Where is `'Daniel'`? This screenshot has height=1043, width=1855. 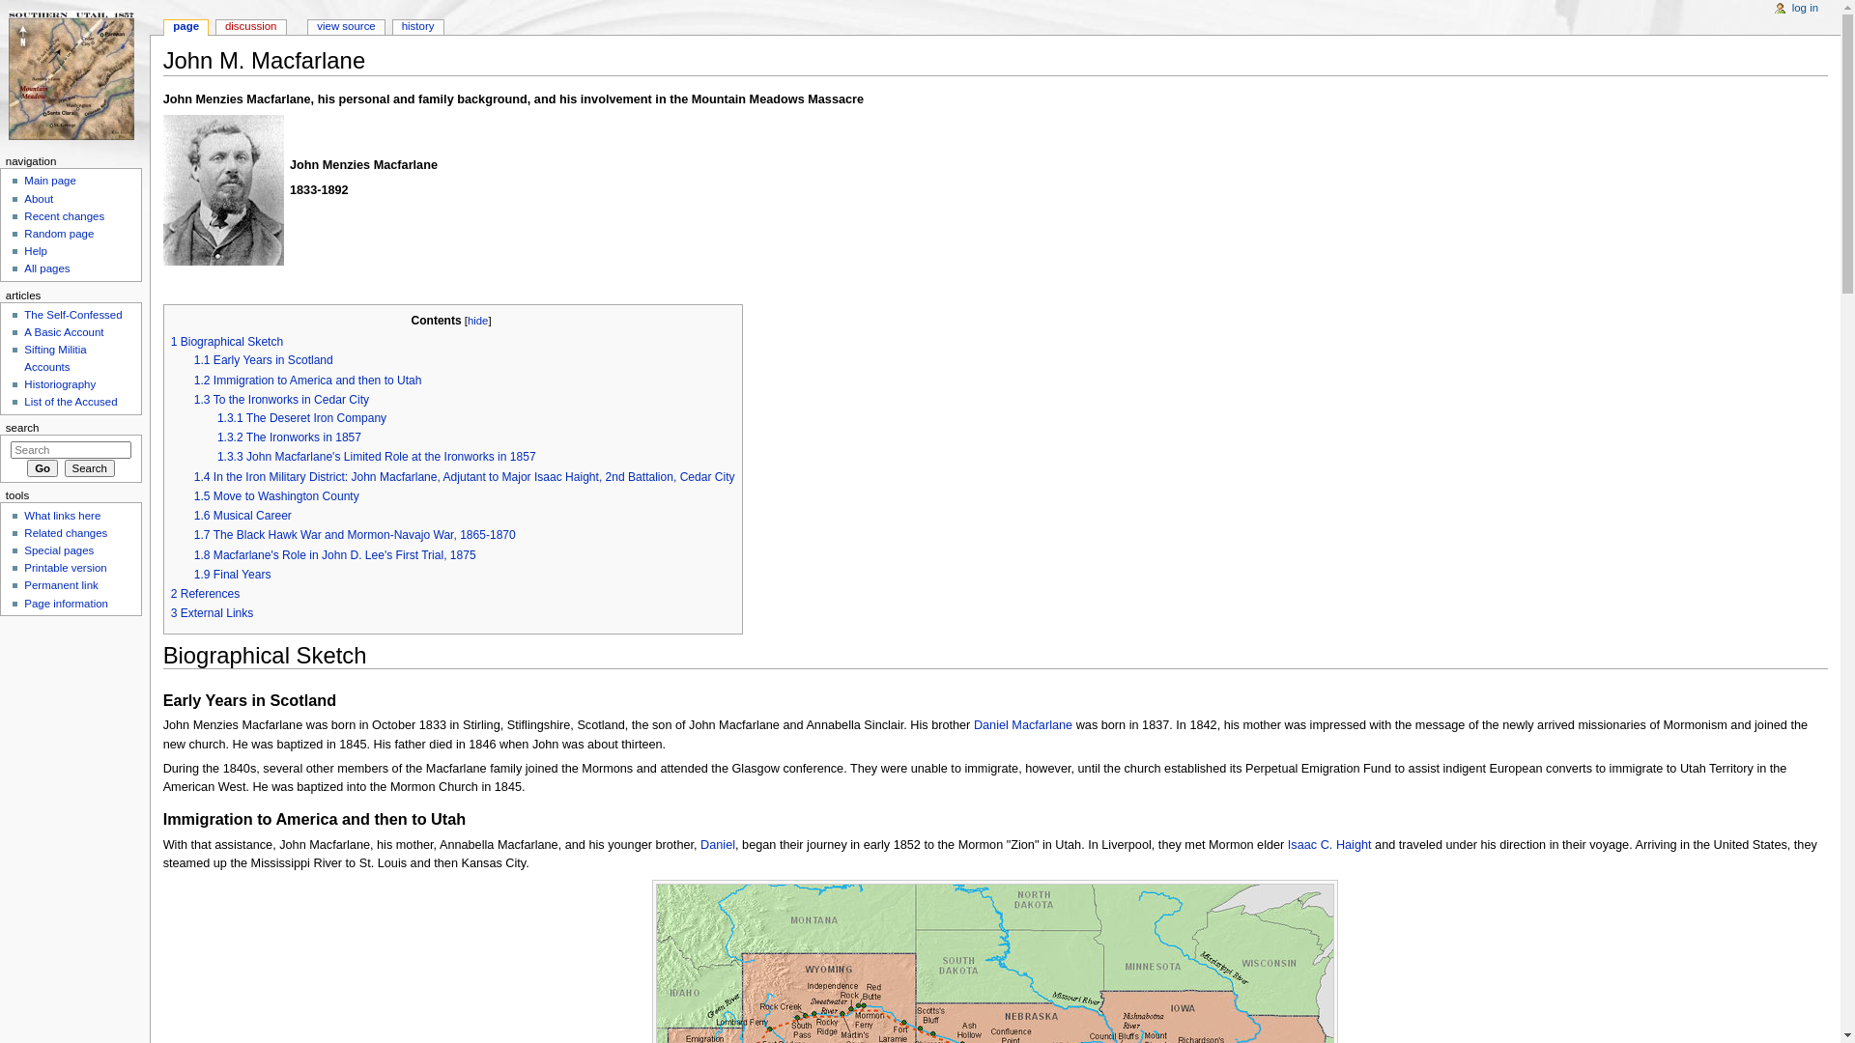 'Daniel' is located at coordinates (717, 844).